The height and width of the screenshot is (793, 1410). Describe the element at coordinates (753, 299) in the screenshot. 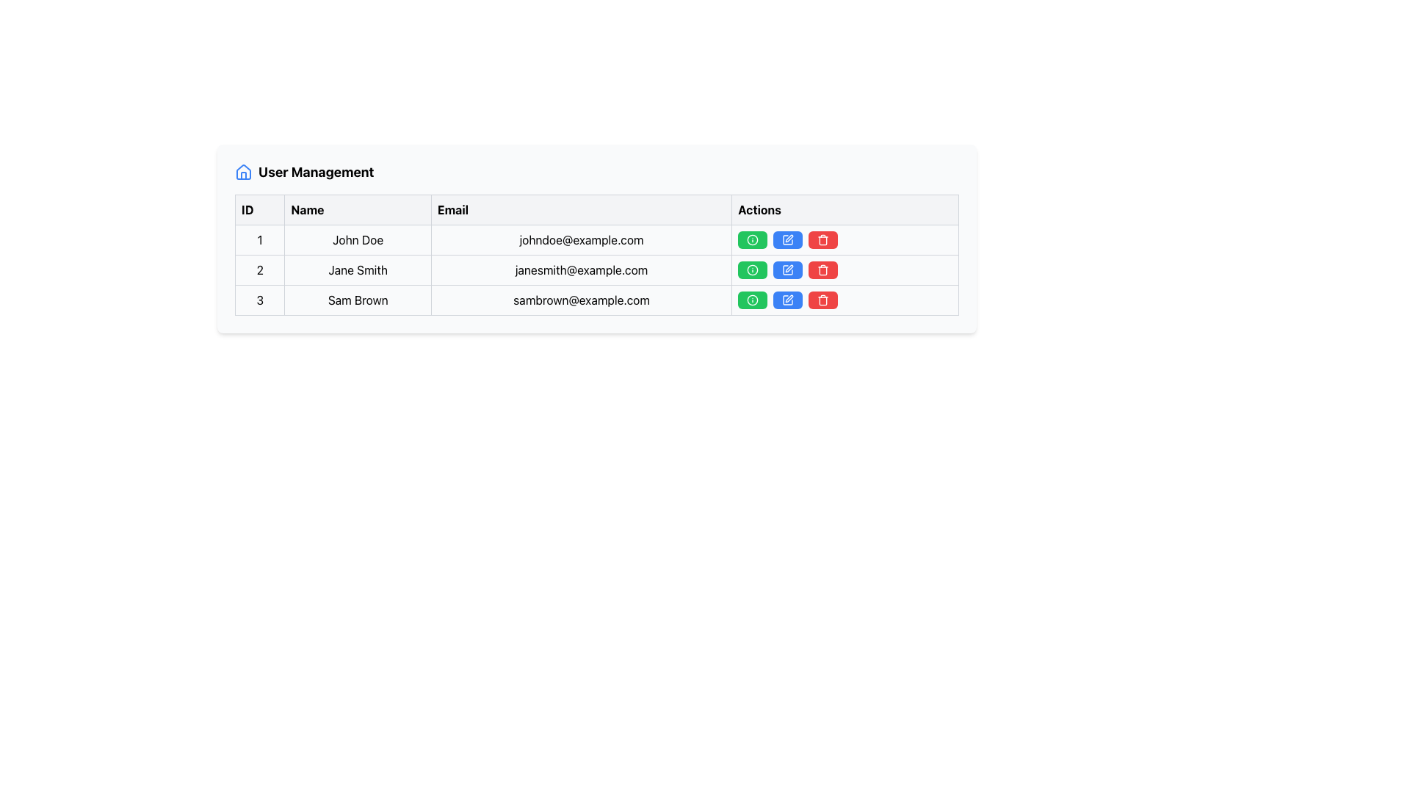

I see `the green circular 'info' icon located in the 'Actions' column of the last row corresponding to user 'Sam Brown'` at that location.